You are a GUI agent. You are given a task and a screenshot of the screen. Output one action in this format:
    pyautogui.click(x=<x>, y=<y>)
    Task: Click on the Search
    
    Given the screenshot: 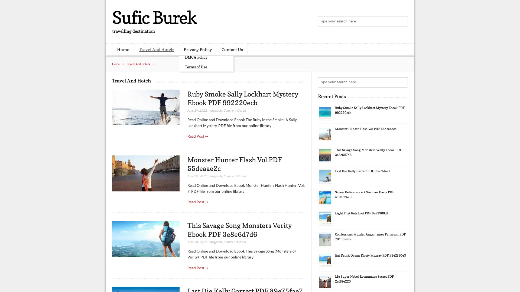 What is the action you would take?
    pyautogui.click(x=402, y=82)
    